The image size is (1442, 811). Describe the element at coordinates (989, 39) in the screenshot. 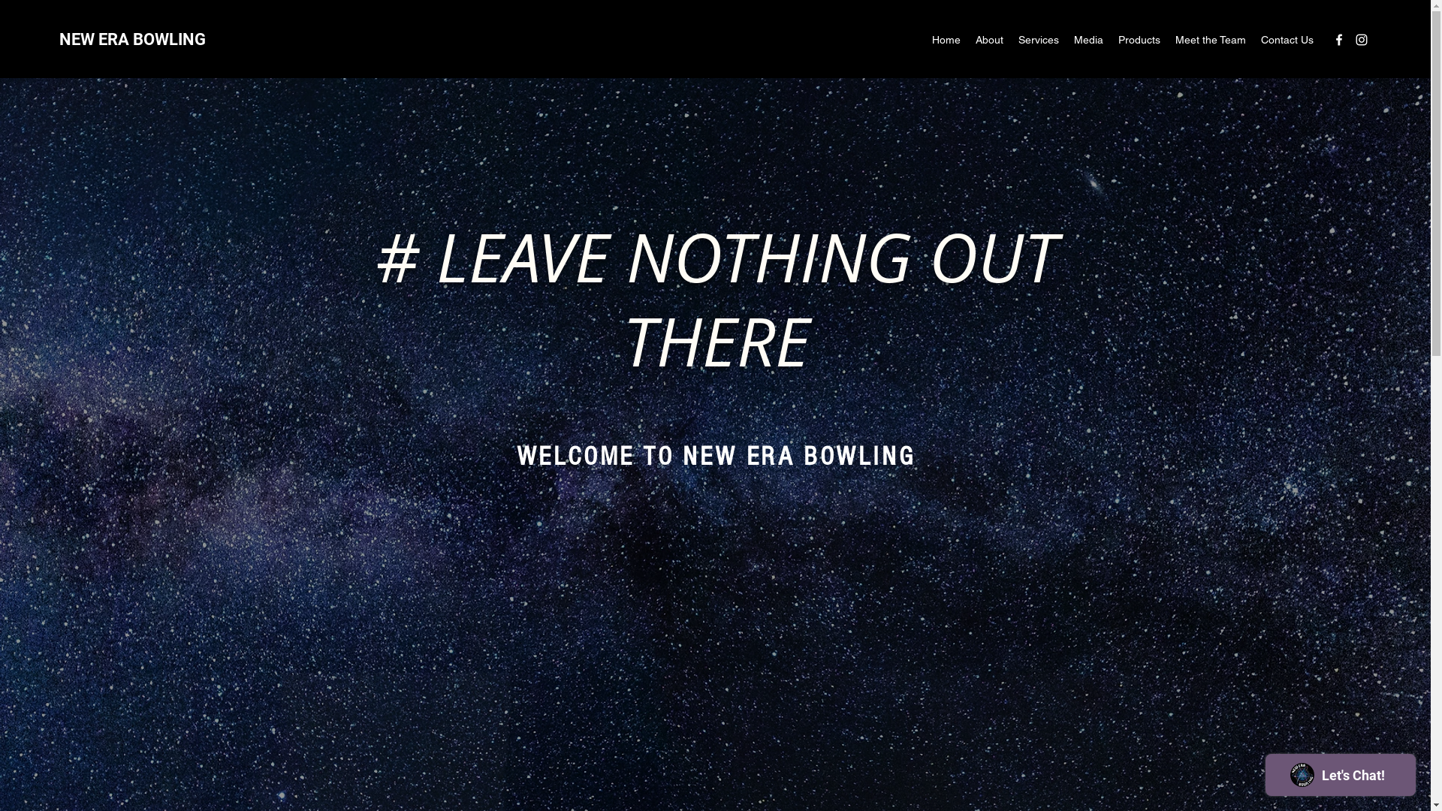

I see `'About'` at that location.